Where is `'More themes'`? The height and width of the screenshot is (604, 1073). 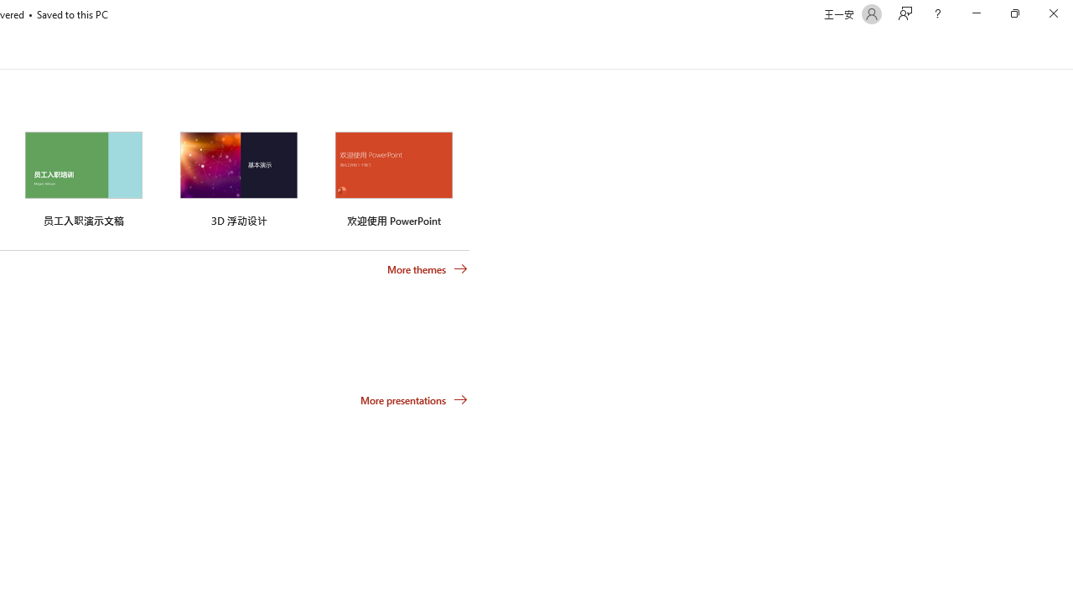 'More themes' is located at coordinates (428, 268).